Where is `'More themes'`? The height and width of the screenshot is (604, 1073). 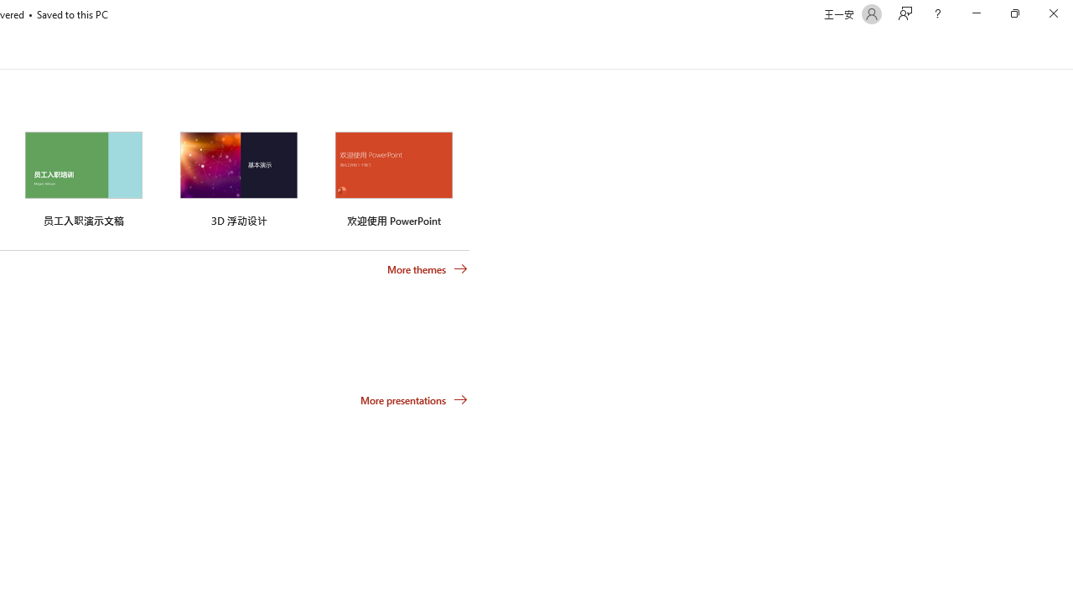 'More themes' is located at coordinates (428, 268).